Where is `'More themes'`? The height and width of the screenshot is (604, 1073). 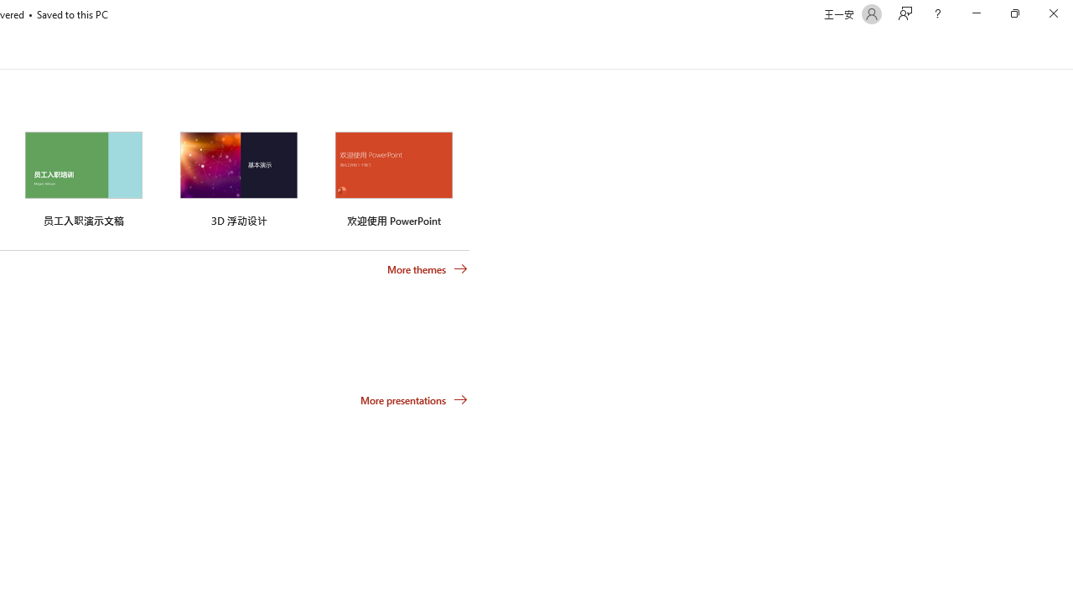 'More themes' is located at coordinates (428, 268).